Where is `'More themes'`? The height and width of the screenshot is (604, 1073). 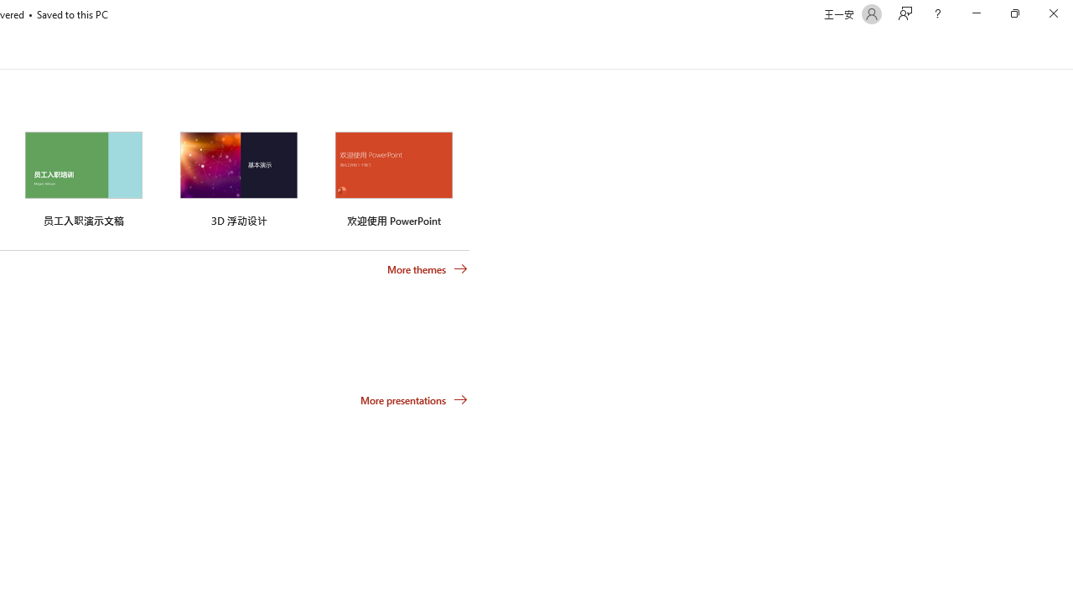 'More themes' is located at coordinates (428, 268).